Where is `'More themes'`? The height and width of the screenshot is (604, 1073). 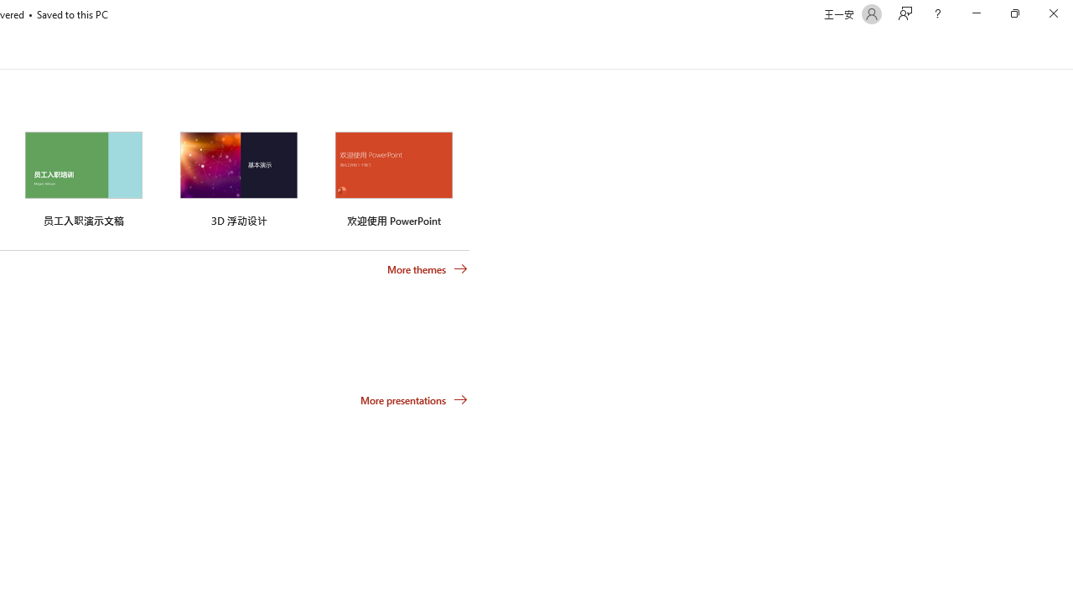 'More themes' is located at coordinates (428, 268).